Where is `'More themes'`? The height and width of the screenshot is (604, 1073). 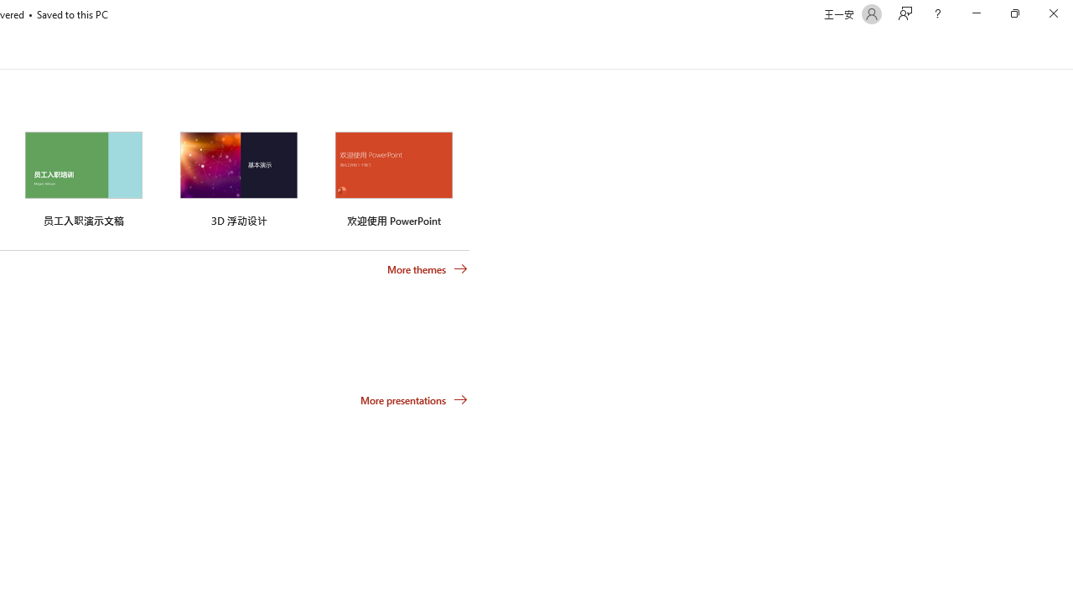 'More themes' is located at coordinates (428, 268).